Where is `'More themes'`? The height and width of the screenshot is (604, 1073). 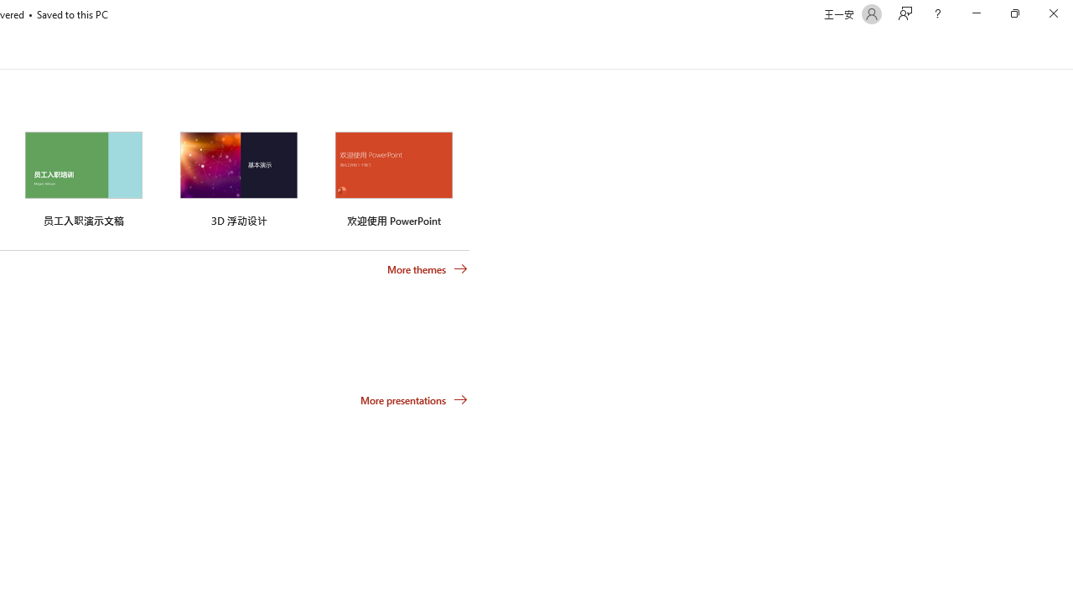 'More themes' is located at coordinates (428, 268).